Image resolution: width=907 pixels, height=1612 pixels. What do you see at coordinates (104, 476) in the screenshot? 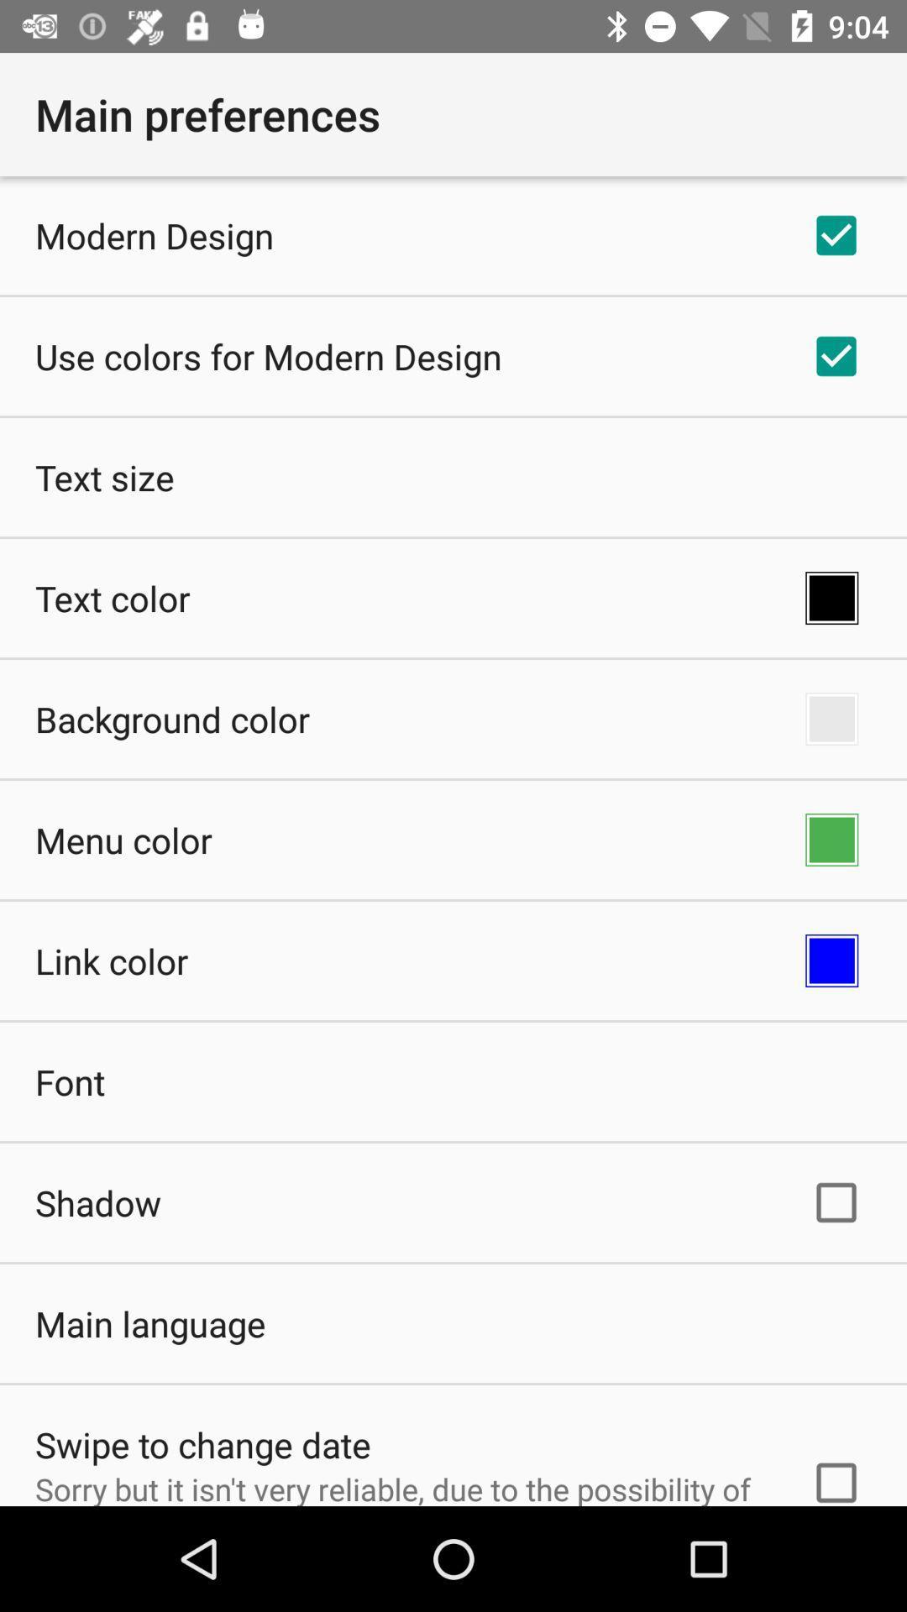
I see `item above text color` at bounding box center [104, 476].